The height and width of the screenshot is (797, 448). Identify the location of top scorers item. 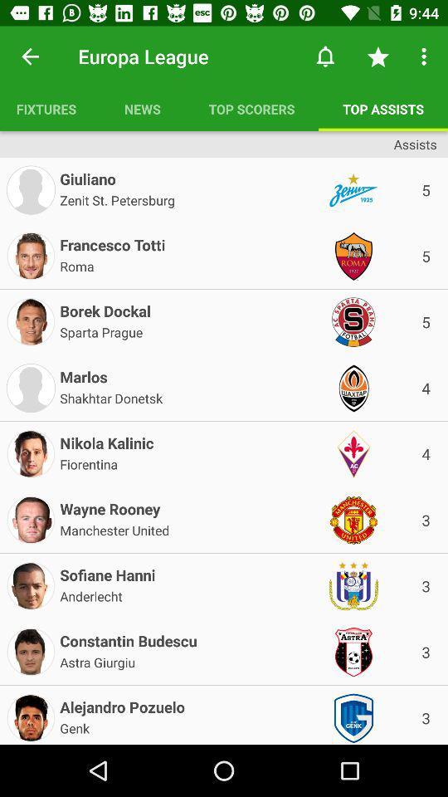
(251, 108).